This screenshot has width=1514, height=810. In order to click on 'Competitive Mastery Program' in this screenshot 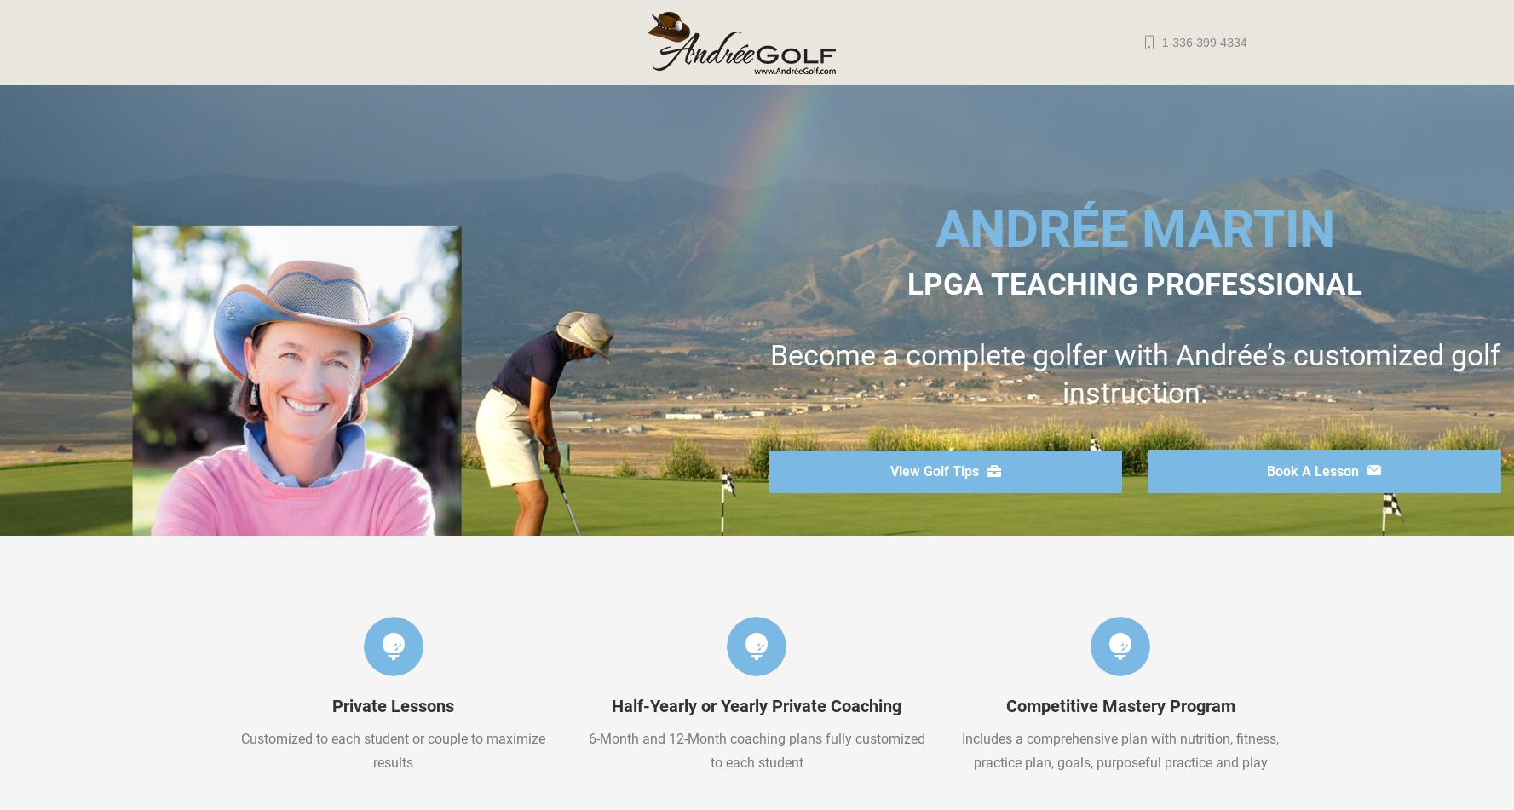, I will do `click(1005, 704)`.